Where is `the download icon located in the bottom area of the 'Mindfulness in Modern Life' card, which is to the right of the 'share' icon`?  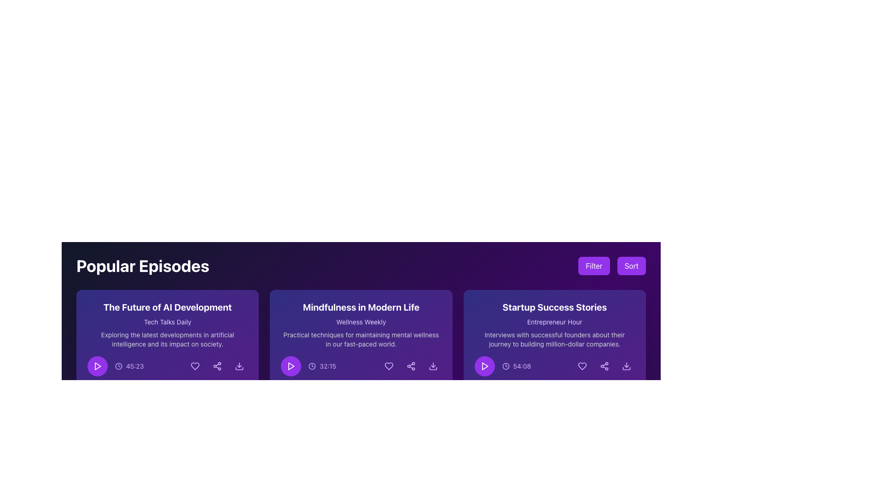
the download icon located in the bottom area of the 'Mindfulness in Modern Life' card, which is to the right of the 'share' icon is located at coordinates (432, 368).